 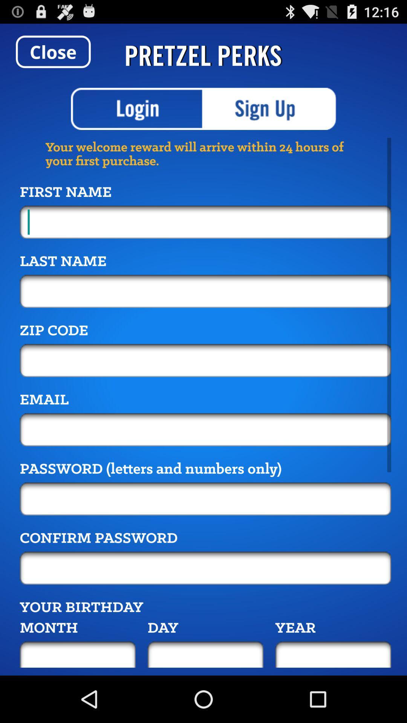 What do you see at coordinates (205, 360) in the screenshot?
I see `zip code` at bounding box center [205, 360].